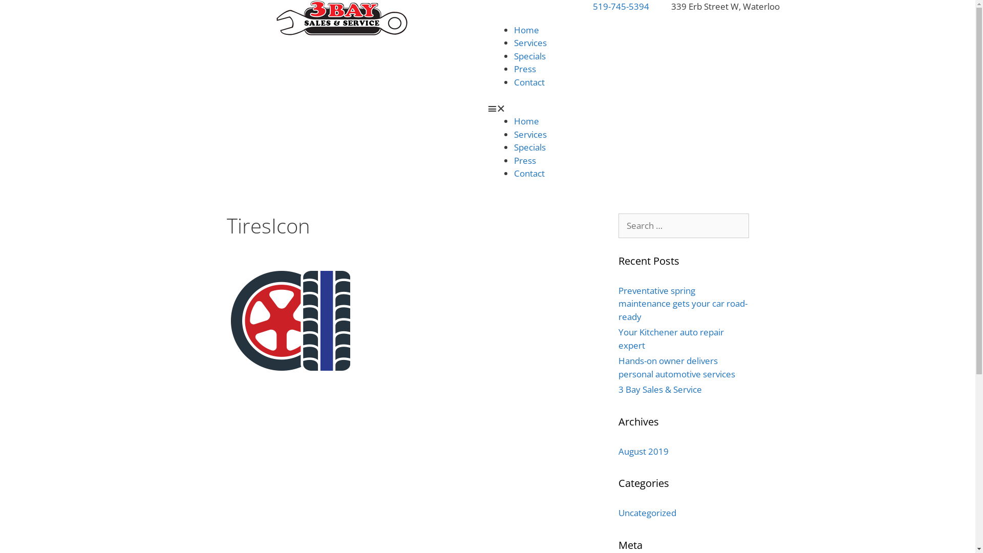 This screenshot has height=553, width=983. What do you see at coordinates (671, 338) in the screenshot?
I see `'Your Kitchener auto repair expert'` at bounding box center [671, 338].